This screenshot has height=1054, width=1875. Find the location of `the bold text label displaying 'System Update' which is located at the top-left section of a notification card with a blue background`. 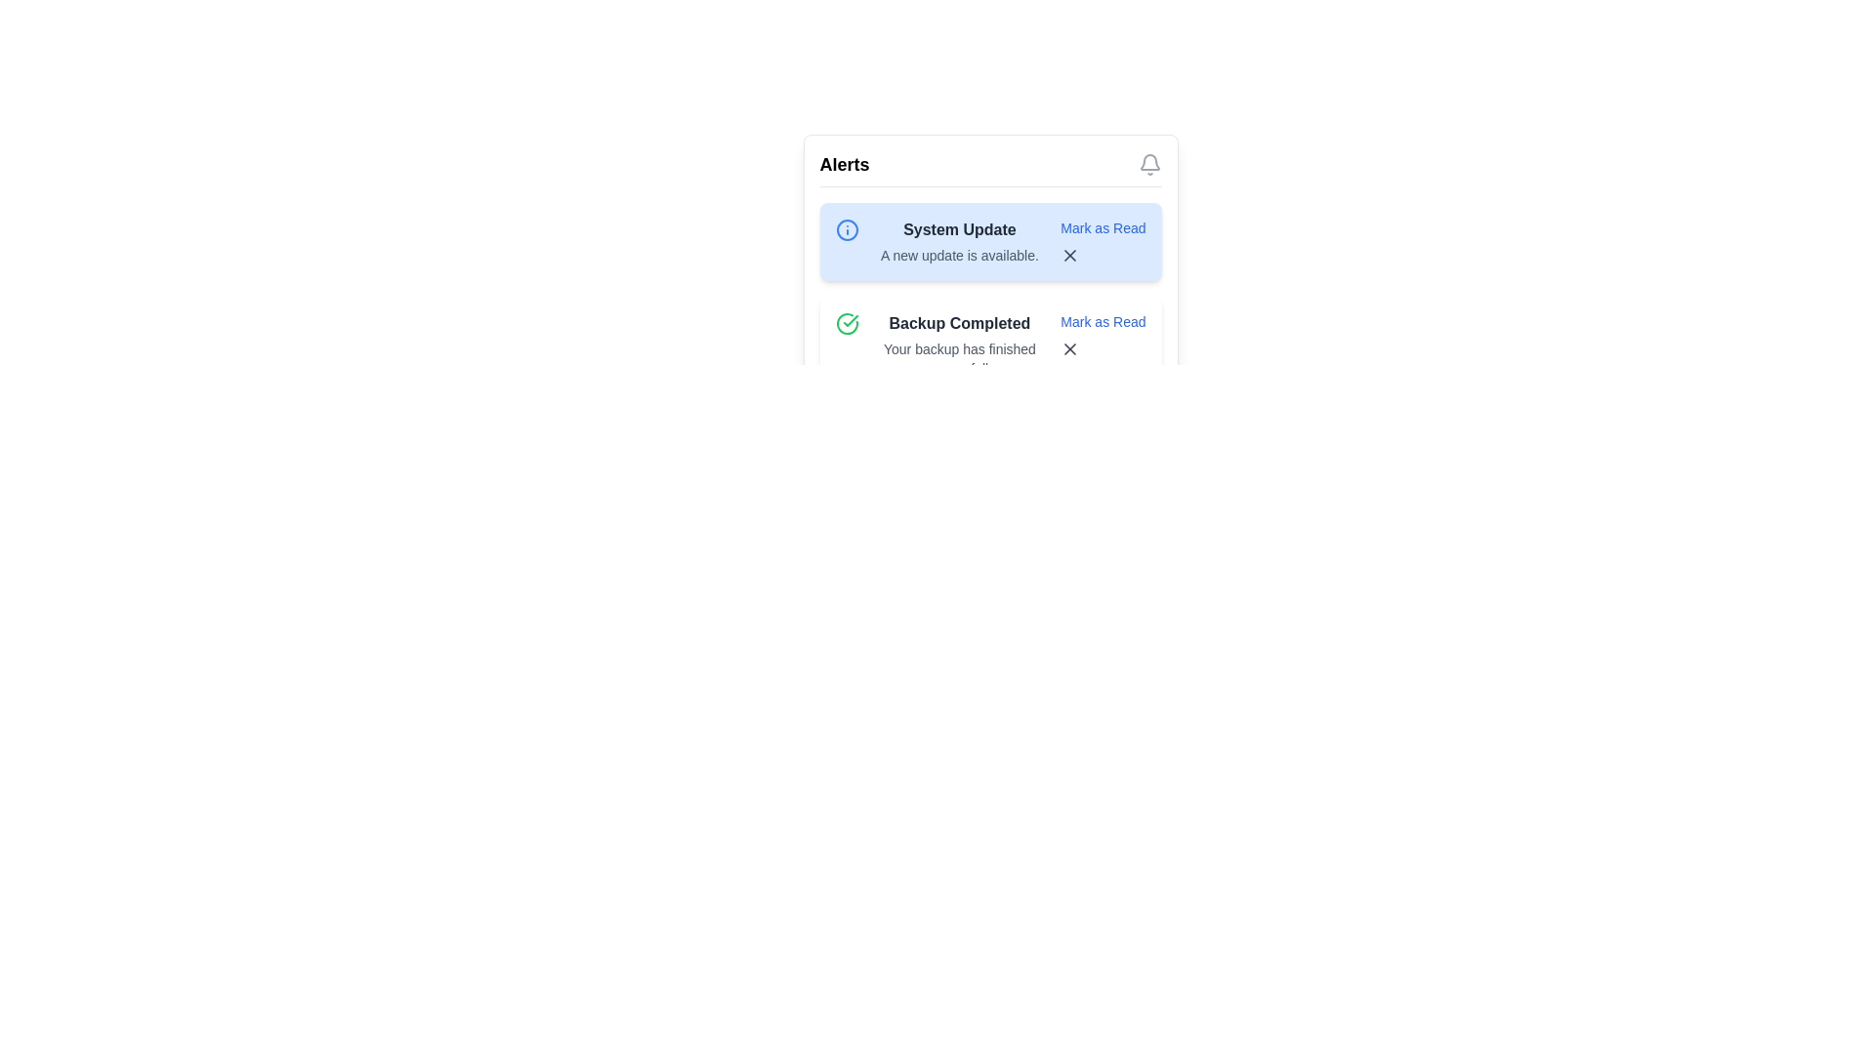

the bold text label displaying 'System Update' which is located at the top-left section of a notification card with a blue background is located at coordinates (959, 228).